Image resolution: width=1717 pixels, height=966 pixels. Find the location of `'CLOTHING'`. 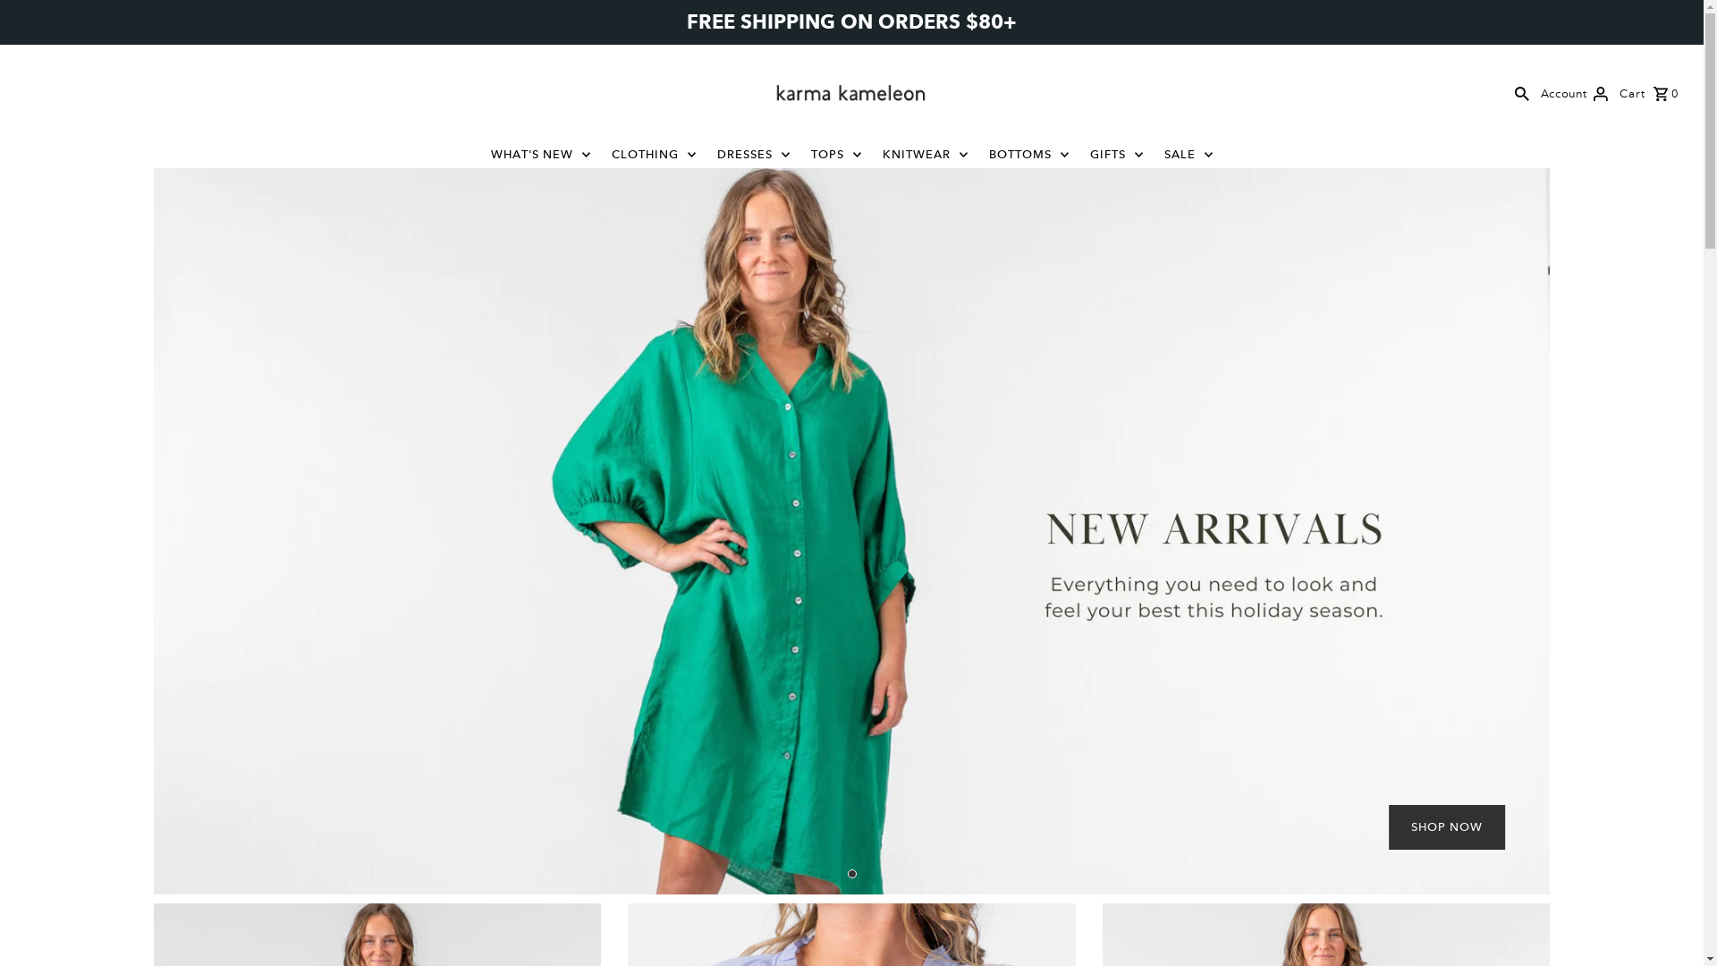

'CLOTHING' is located at coordinates (653, 154).